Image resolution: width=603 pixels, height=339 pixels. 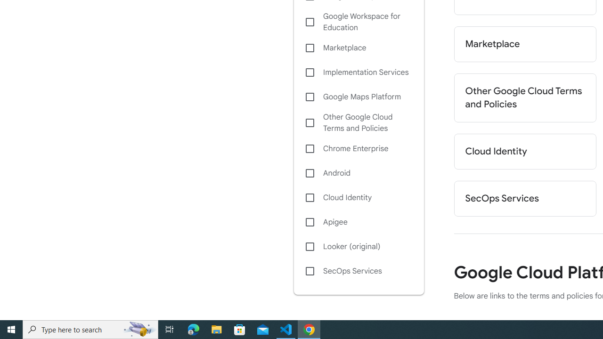 I want to click on 'Looker (original)', so click(x=358, y=246).